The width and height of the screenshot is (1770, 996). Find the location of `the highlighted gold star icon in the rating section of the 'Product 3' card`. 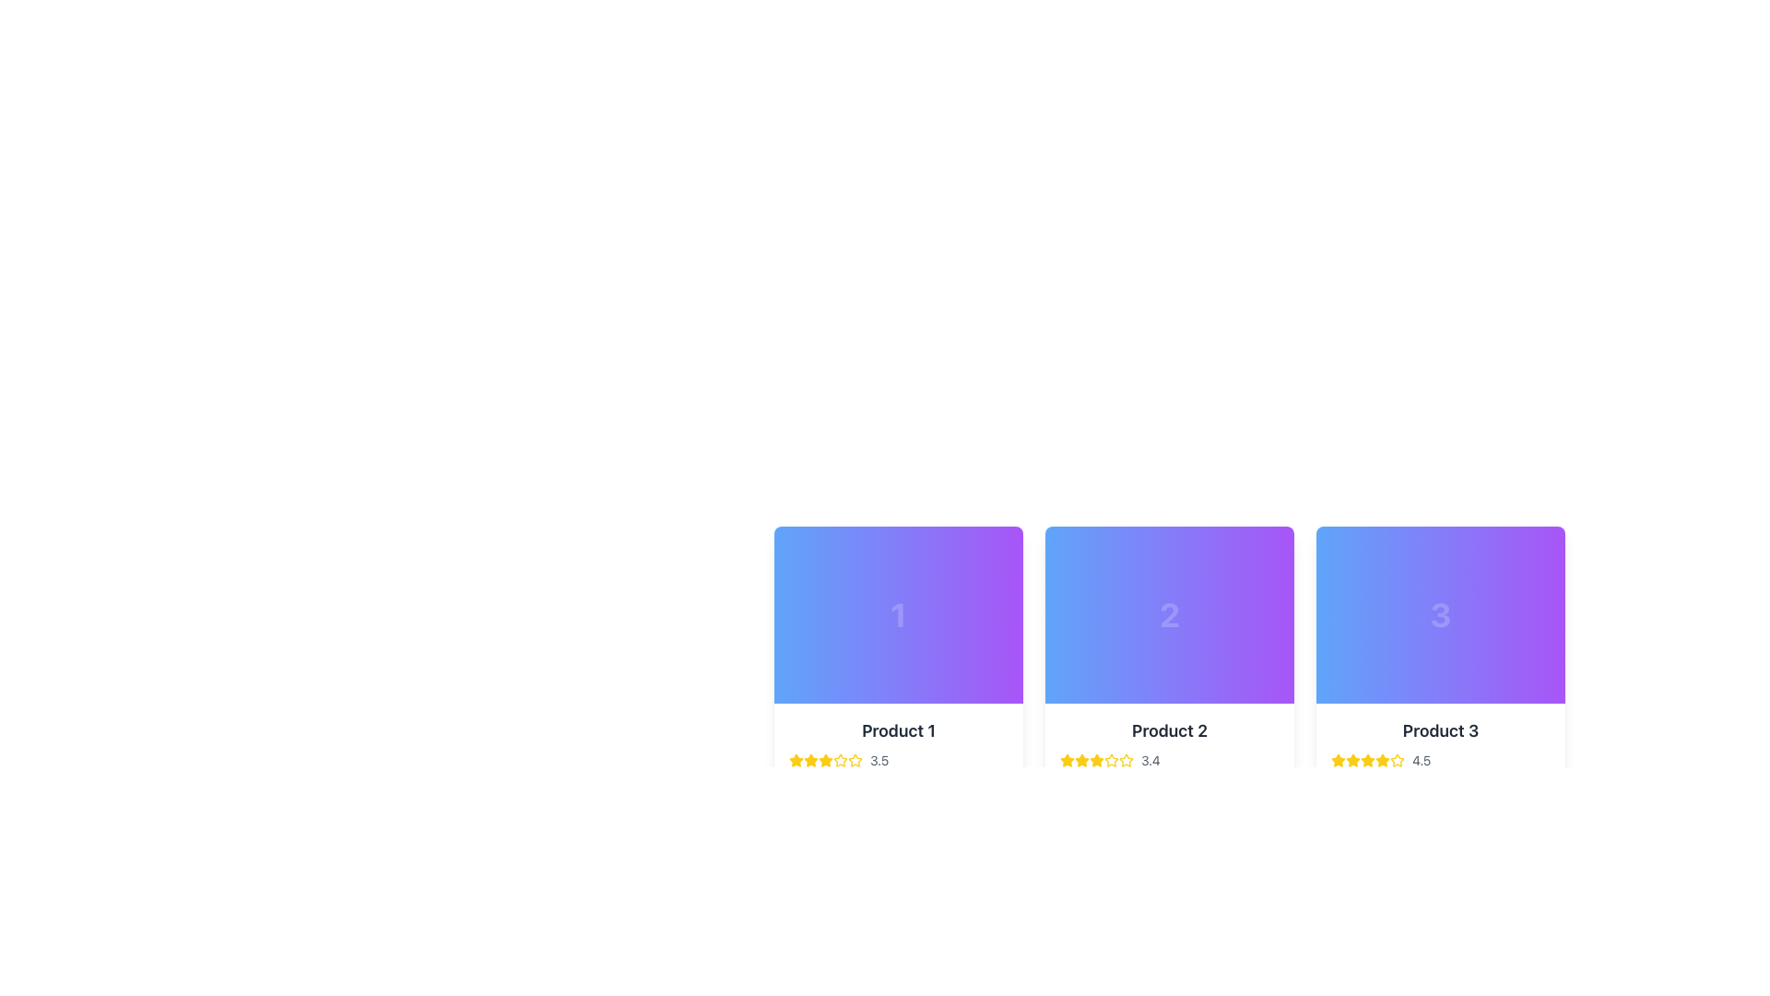

the highlighted gold star icon in the rating section of the 'Product 3' card is located at coordinates (1338, 760).